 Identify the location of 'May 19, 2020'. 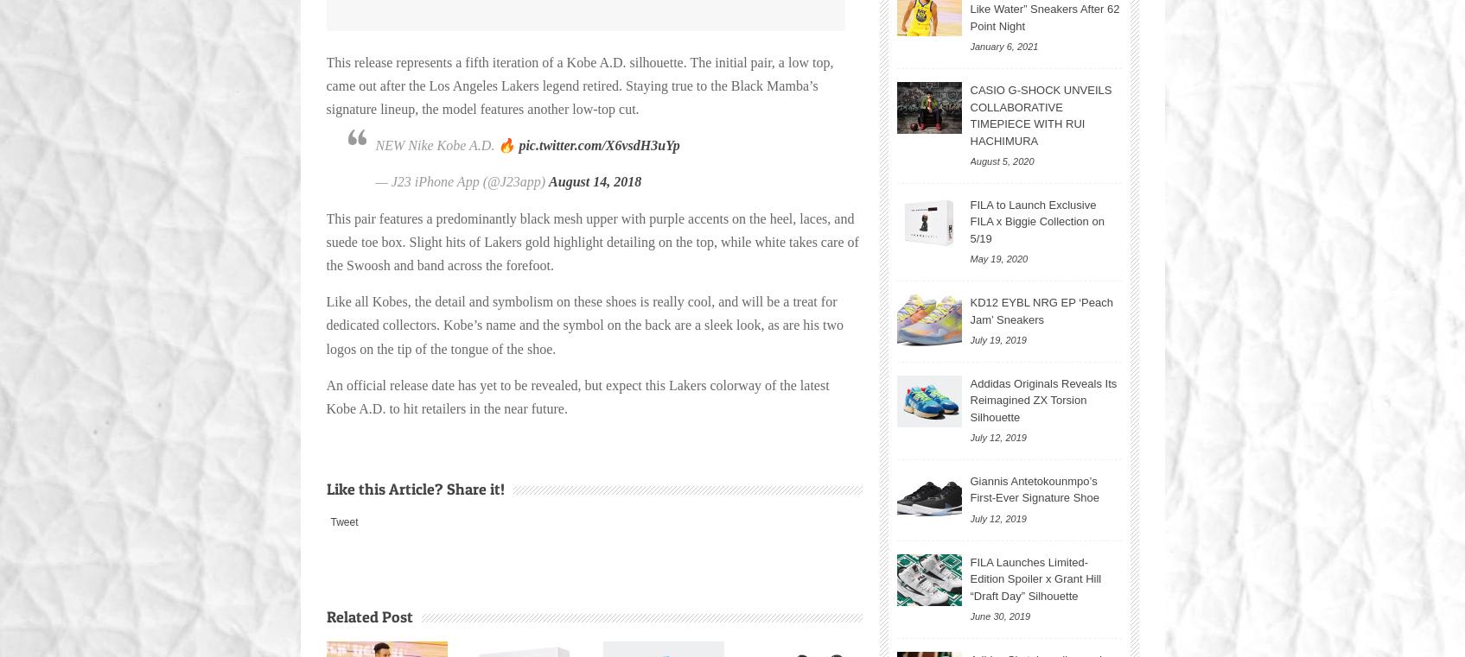
(997, 258).